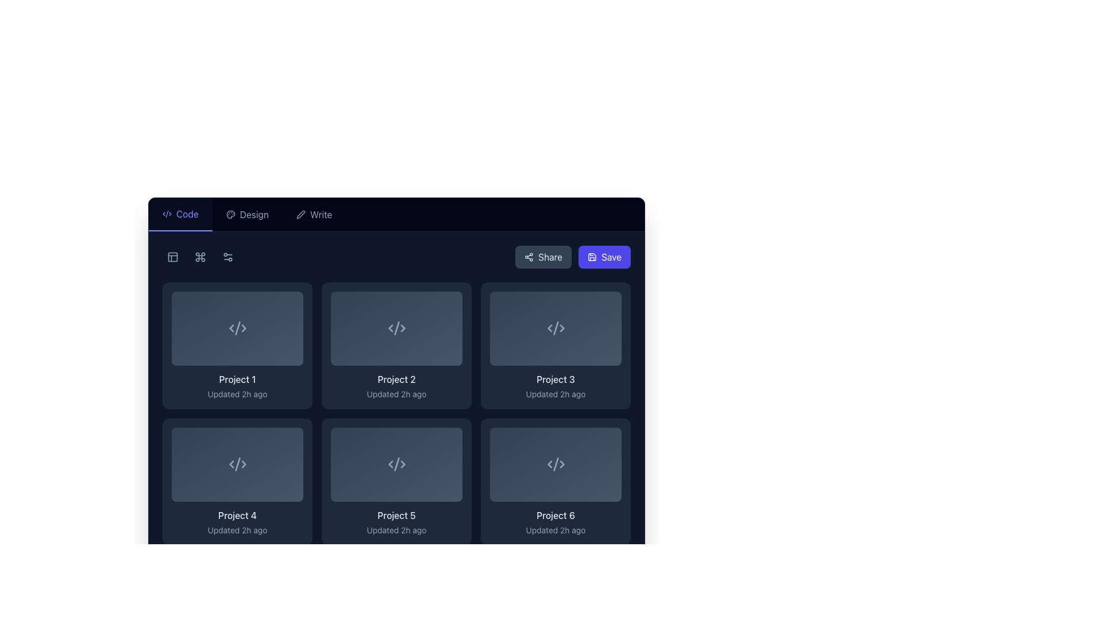 The image size is (1103, 620). Describe the element at coordinates (237, 379) in the screenshot. I see `the first text label in the first card in the grid, positioned at the top left of the card grid section` at that location.